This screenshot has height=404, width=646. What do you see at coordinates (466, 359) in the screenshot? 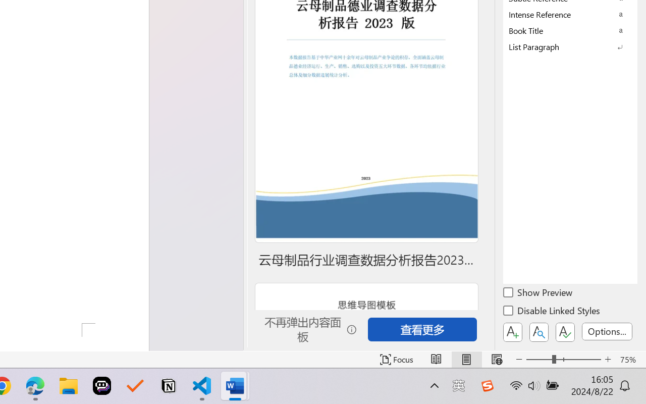
I see `'Print Layout'` at bounding box center [466, 359].